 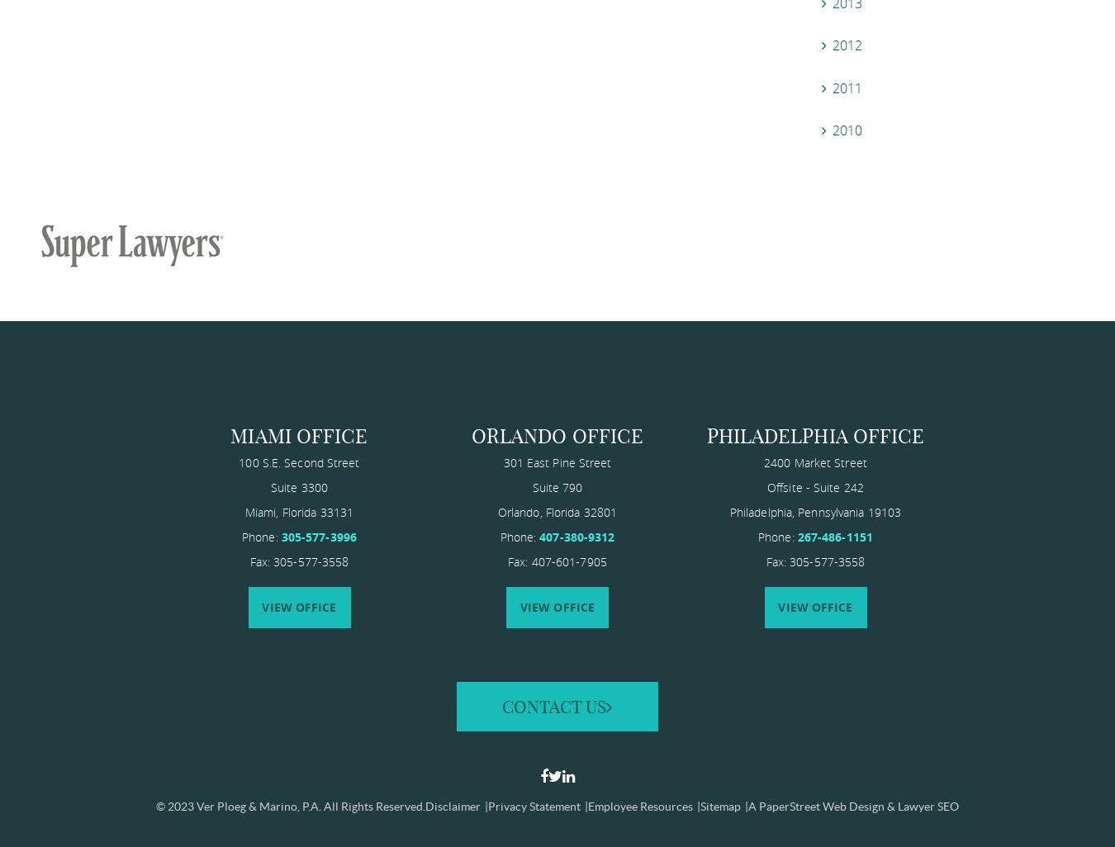 I want to click on 'Miami', so click(x=259, y=511).